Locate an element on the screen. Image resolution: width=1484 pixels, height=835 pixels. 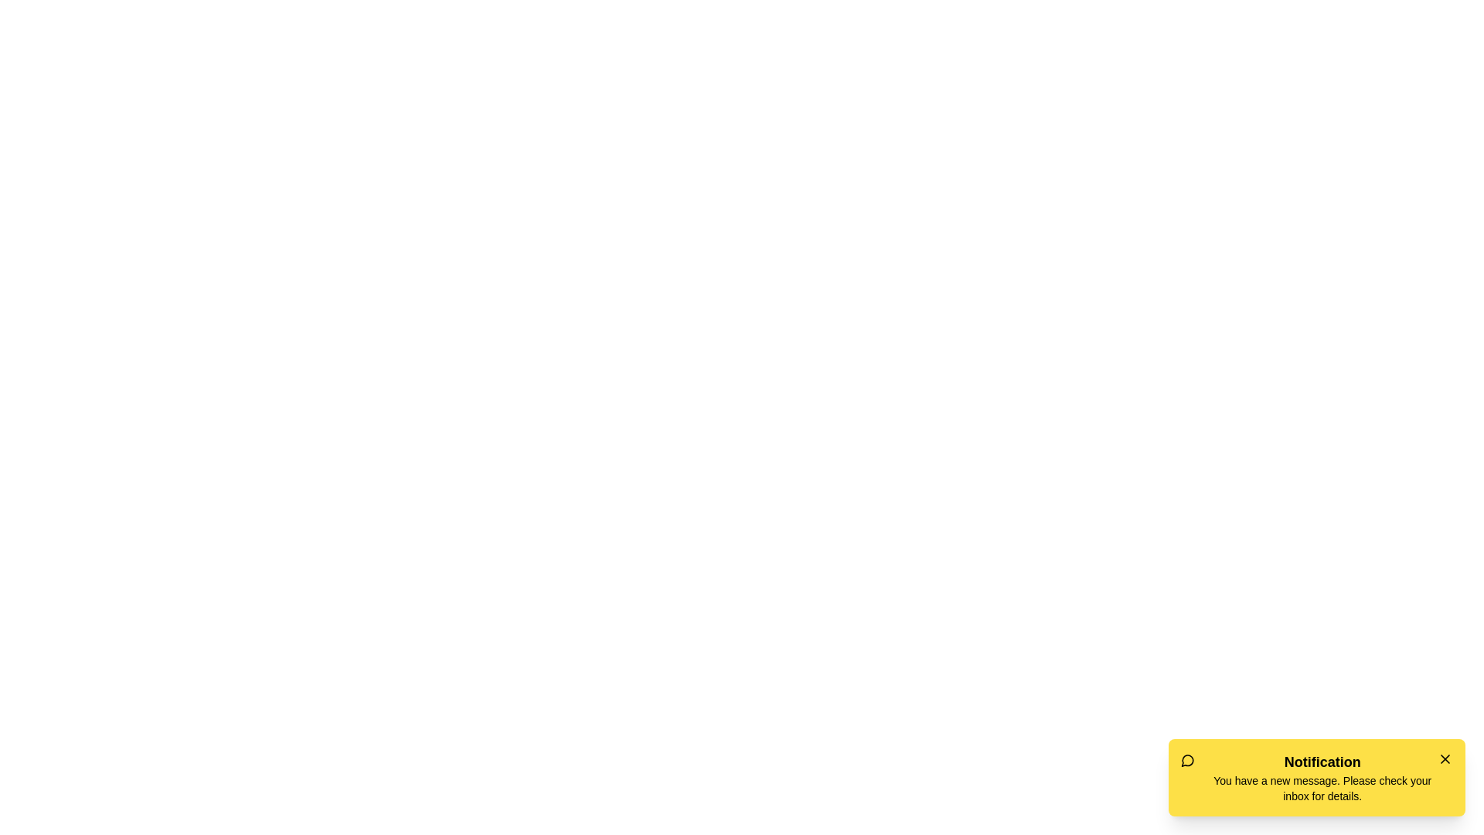
the close button of the notification is located at coordinates (1445, 758).